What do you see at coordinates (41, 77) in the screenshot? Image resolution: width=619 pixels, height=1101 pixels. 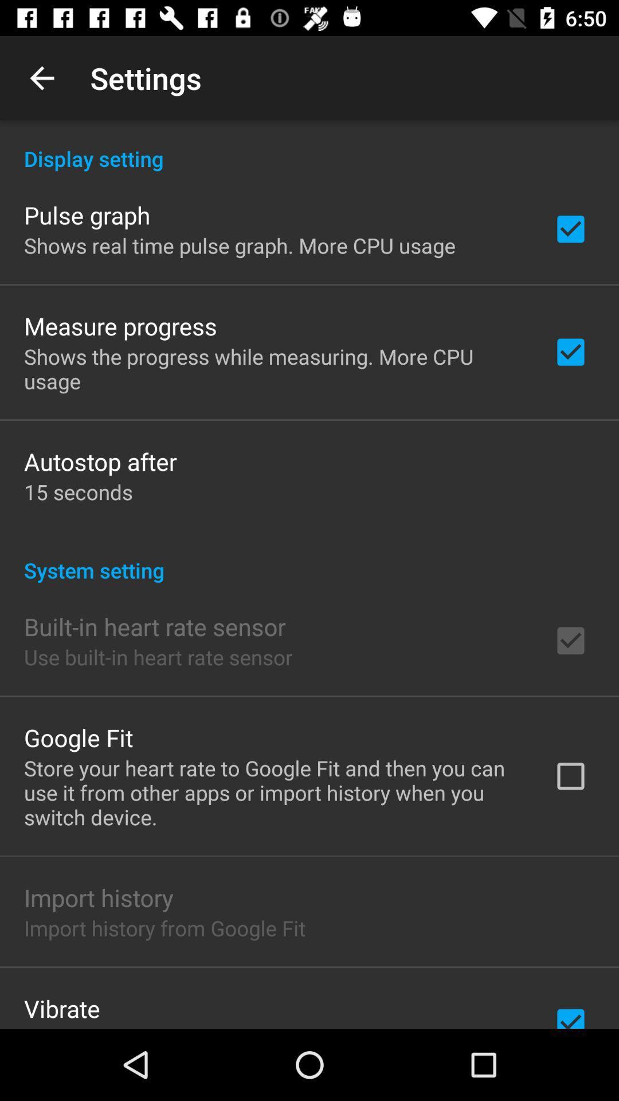 I see `the item above the display setting icon` at bounding box center [41, 77].